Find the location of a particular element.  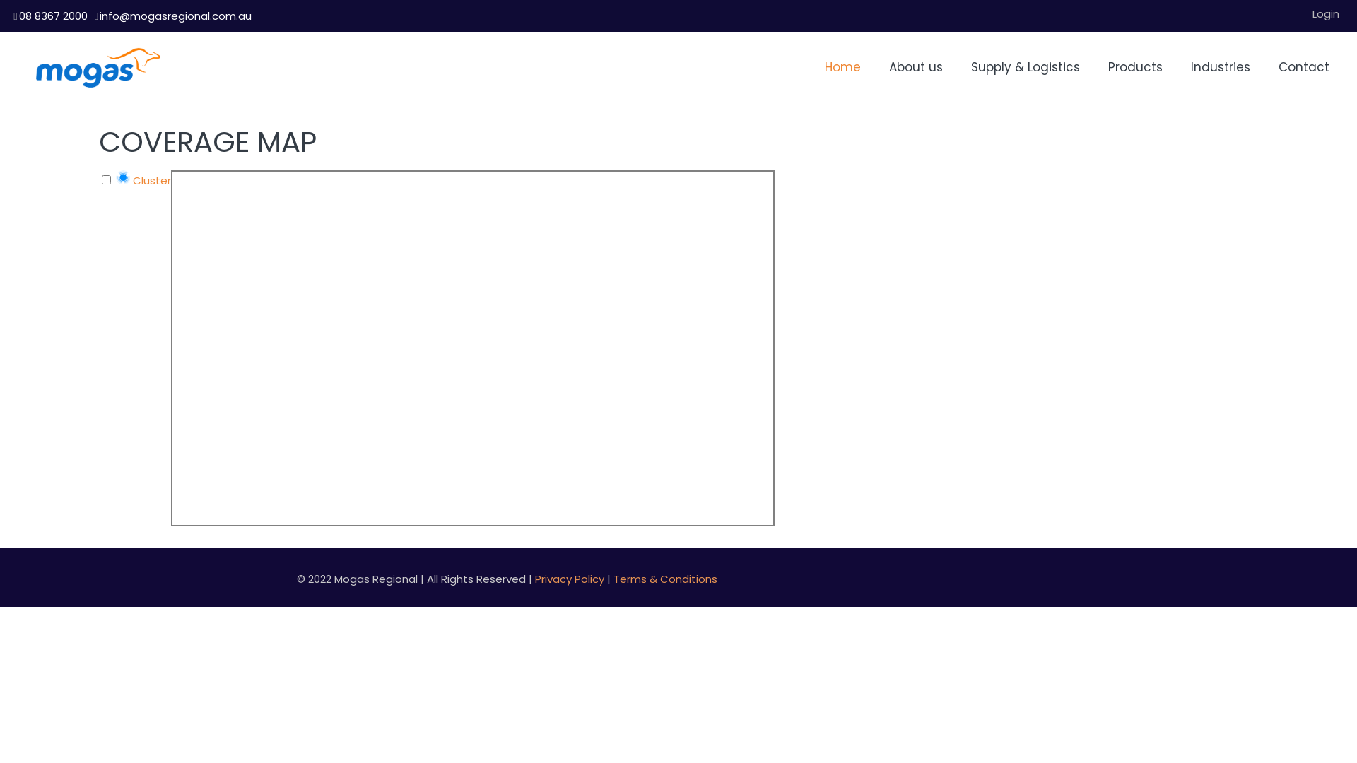

'Industries' is located at coordinates (1220, 67).